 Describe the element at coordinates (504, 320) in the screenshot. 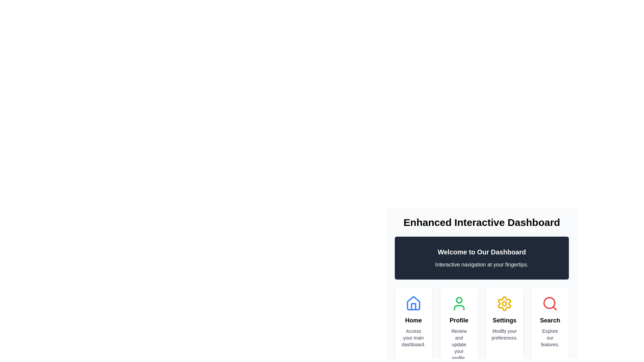

I see `the text label at the top center of the card section labeled 'Settings', which is positioned in the third slot of a row of four cards` at that location.